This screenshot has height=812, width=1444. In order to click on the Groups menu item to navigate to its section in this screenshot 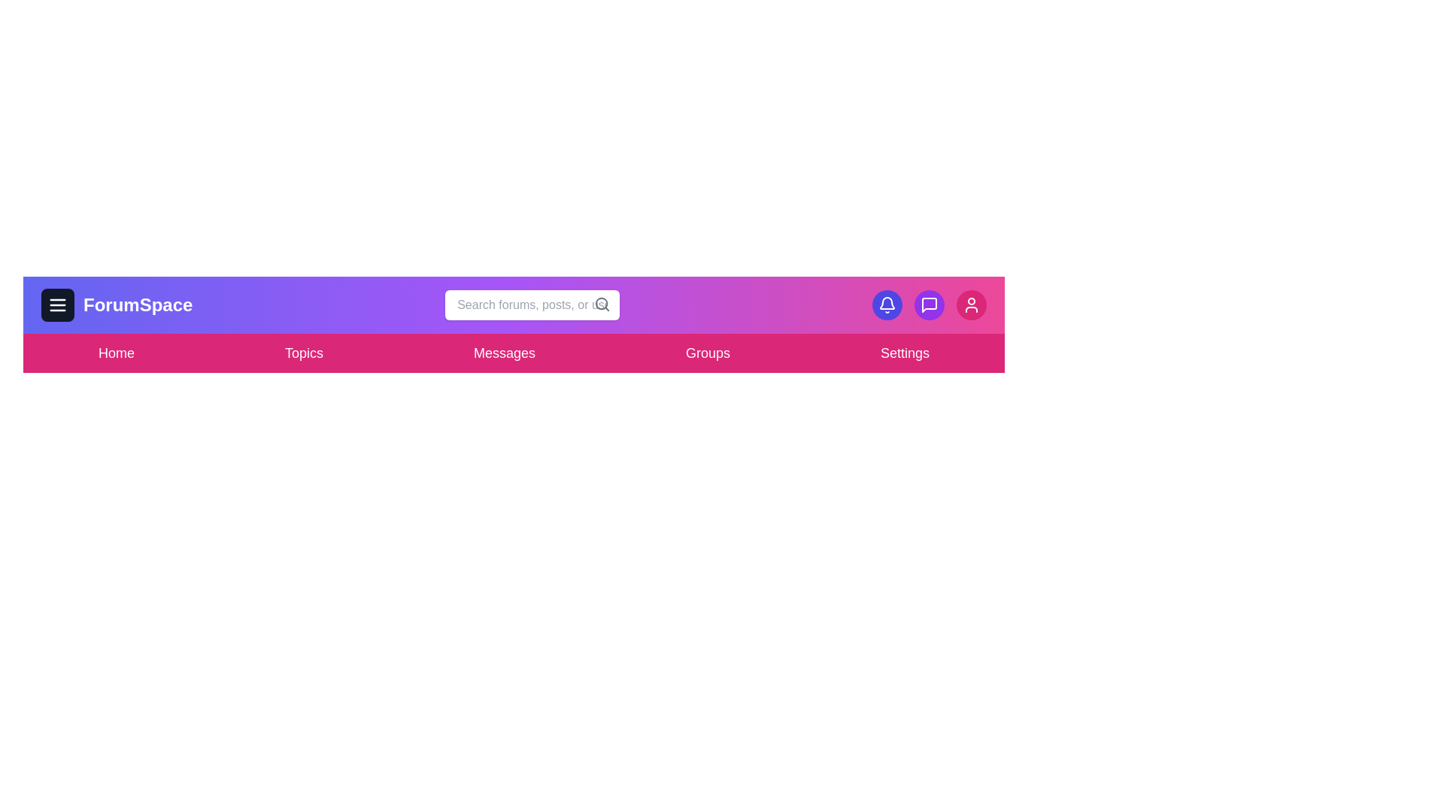, I will do `click(707, 353)`.